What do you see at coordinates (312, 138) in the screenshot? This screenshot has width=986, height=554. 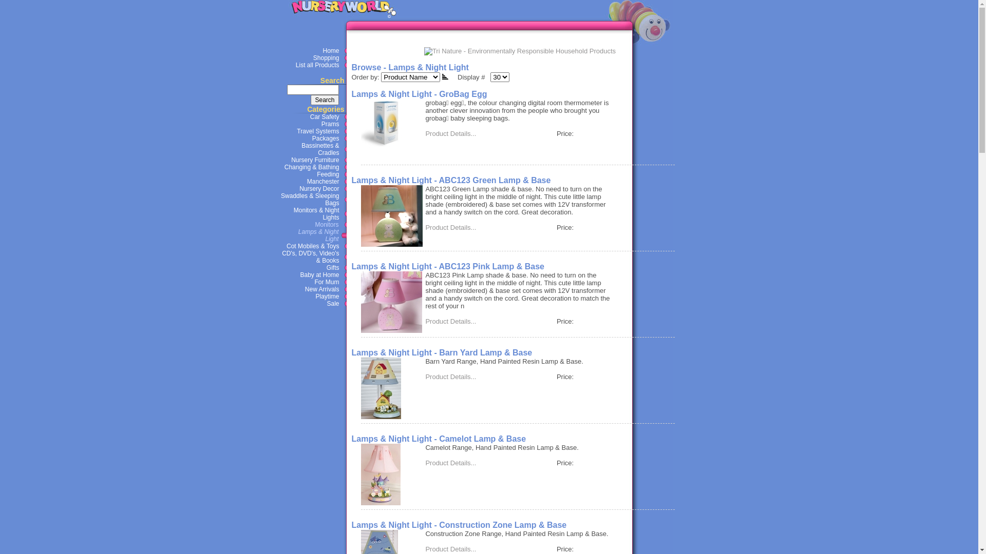 I see `'Packages'` at bounding box center [312, 138].